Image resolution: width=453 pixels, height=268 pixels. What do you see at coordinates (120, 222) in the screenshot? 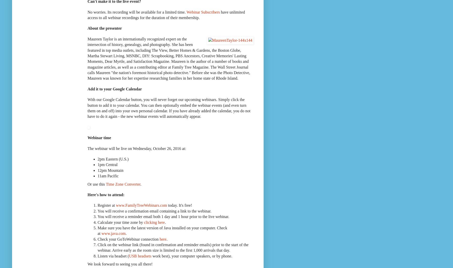
I see `'Calculate your time zone by'` at bounding box center [120, 222].